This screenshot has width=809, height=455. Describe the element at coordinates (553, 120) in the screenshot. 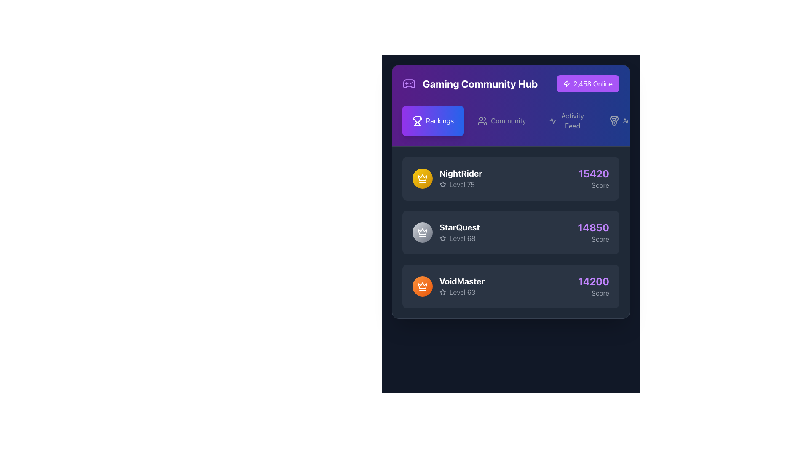

I see `the 'Activity Feed' icon located in the top navigation bar, which is visually represented as an SVG icon to the left of the 'Activity Feed' text` at that location.